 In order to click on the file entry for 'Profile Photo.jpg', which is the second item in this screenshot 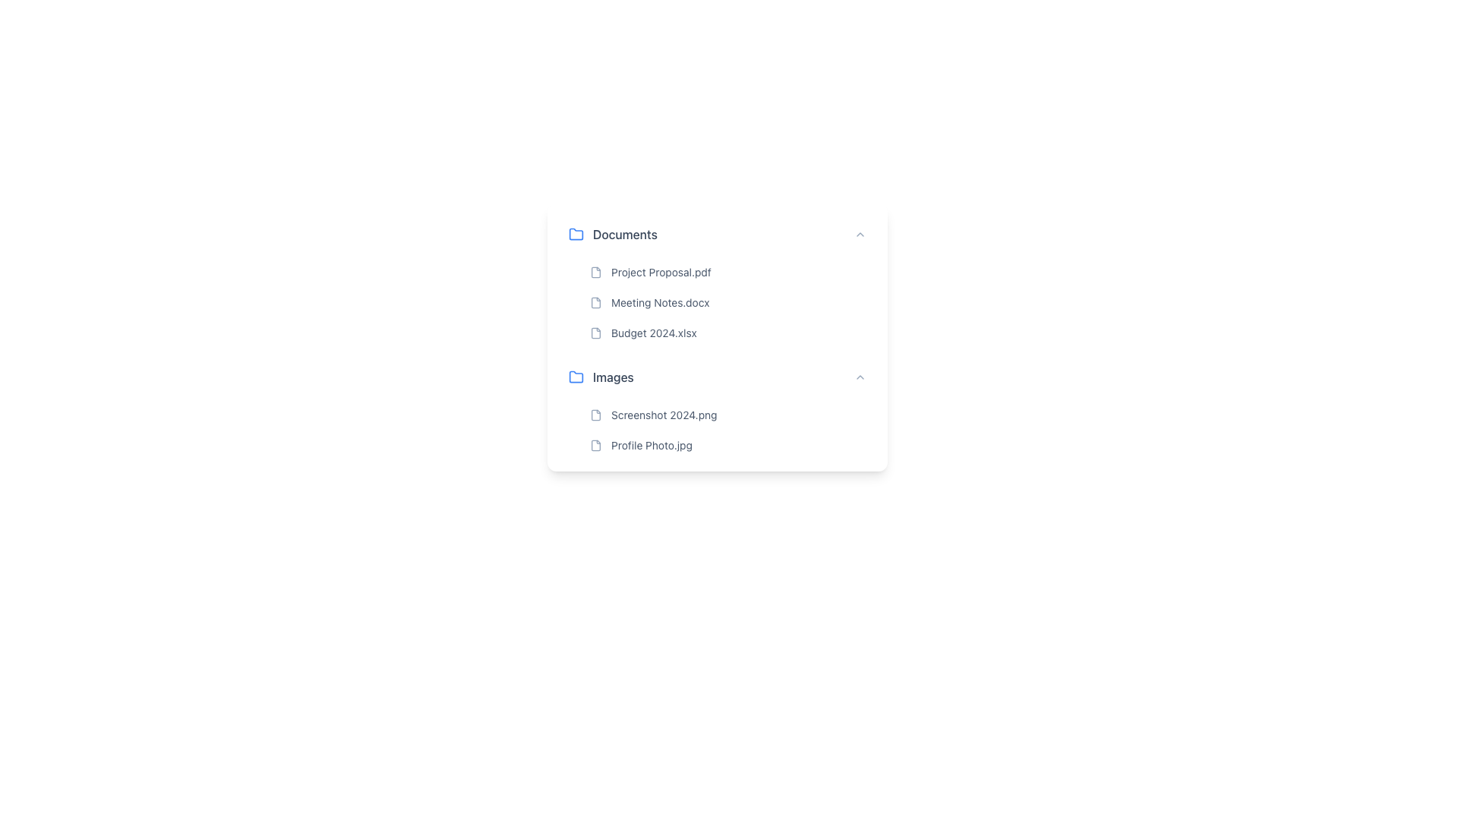, I will do `click(729, 444)`.